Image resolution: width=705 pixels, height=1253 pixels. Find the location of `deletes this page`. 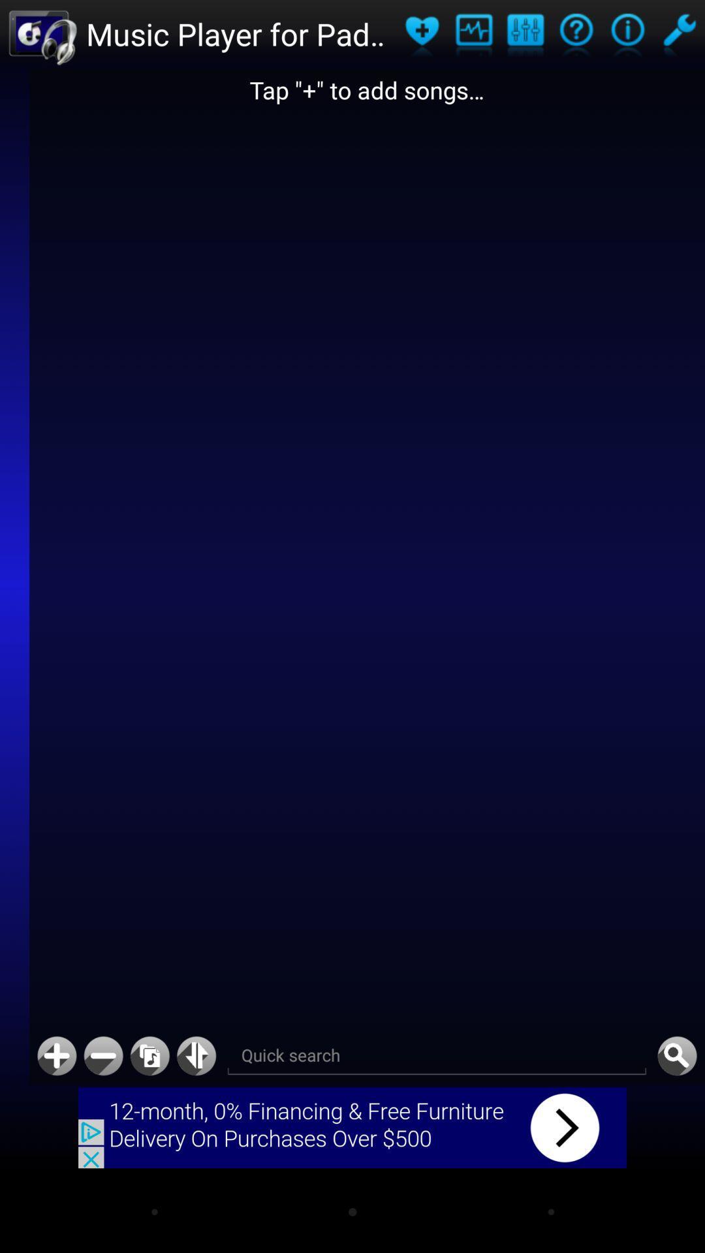

deletes this page is located at coordinates (102, 1056).